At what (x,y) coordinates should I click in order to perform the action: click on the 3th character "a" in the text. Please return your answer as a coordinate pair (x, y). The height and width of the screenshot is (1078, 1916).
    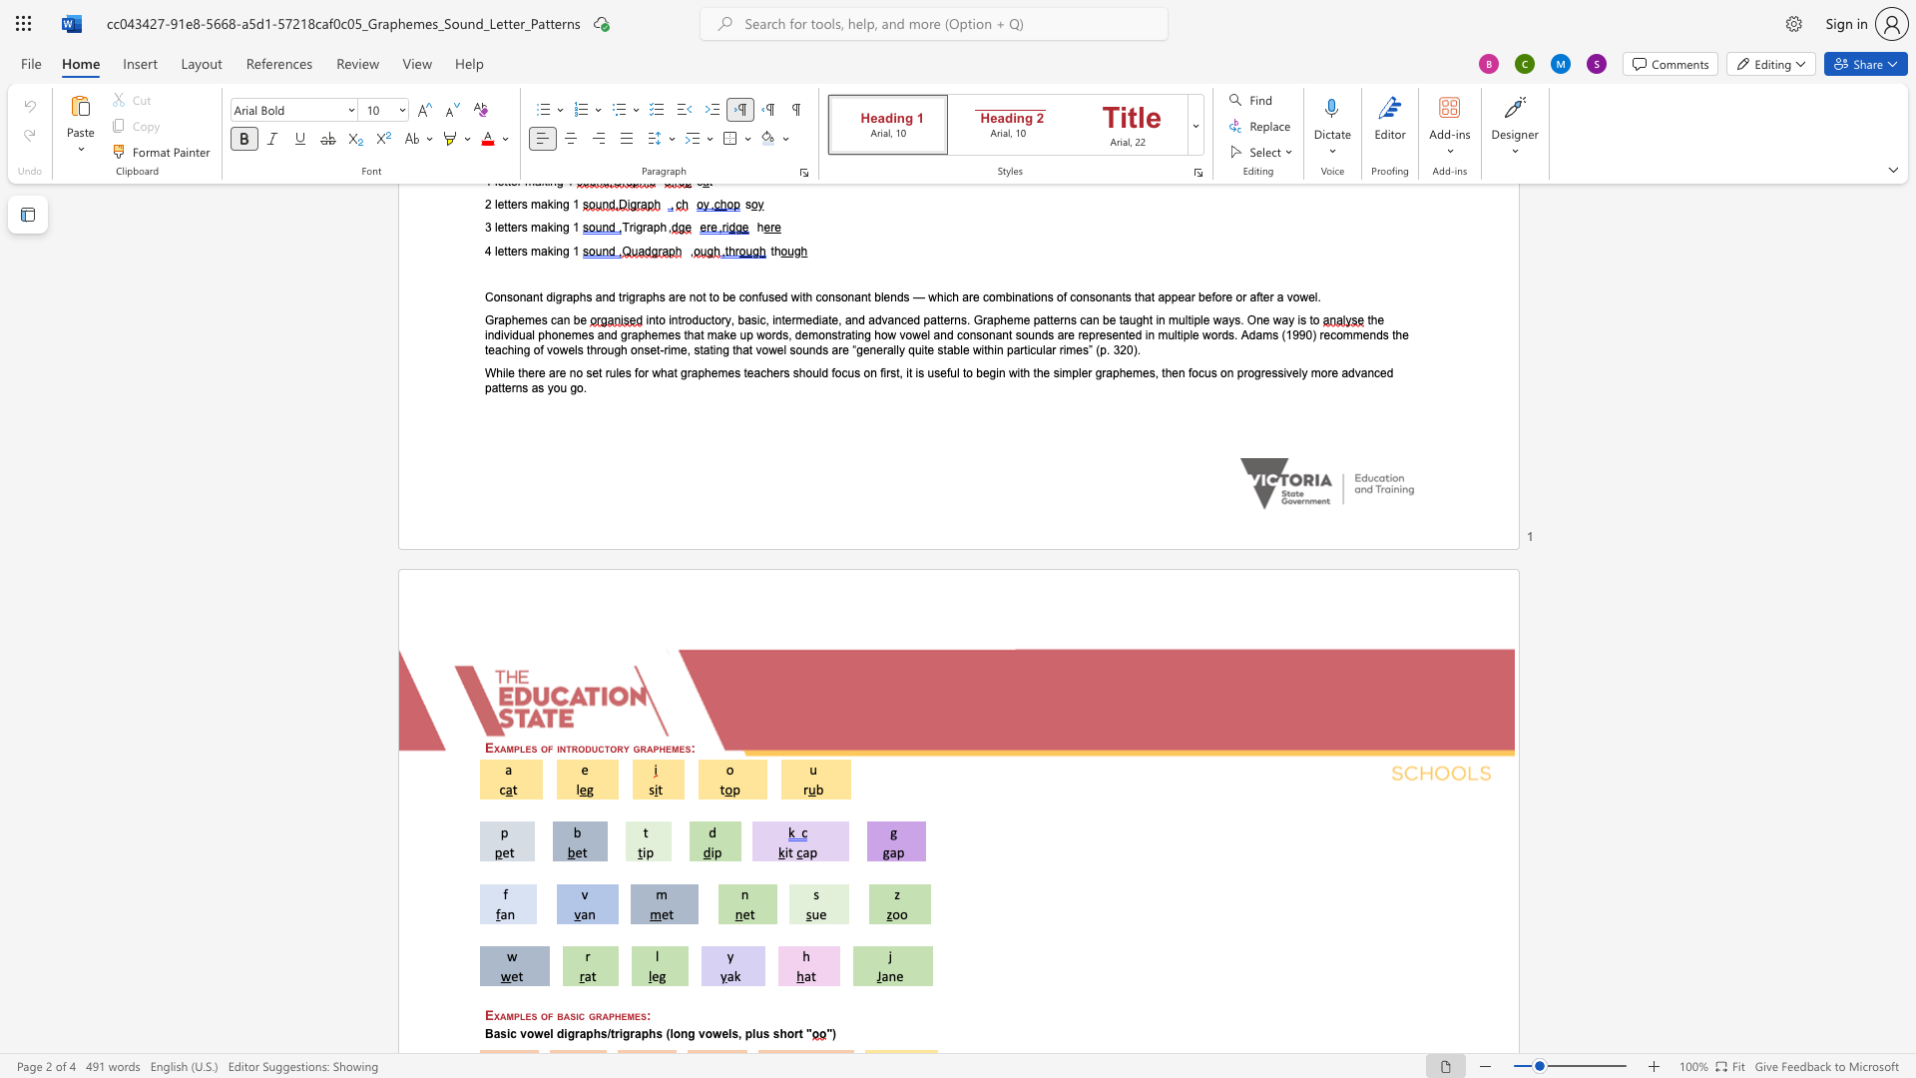
    Looking at the image, I should click on (604, 1015).